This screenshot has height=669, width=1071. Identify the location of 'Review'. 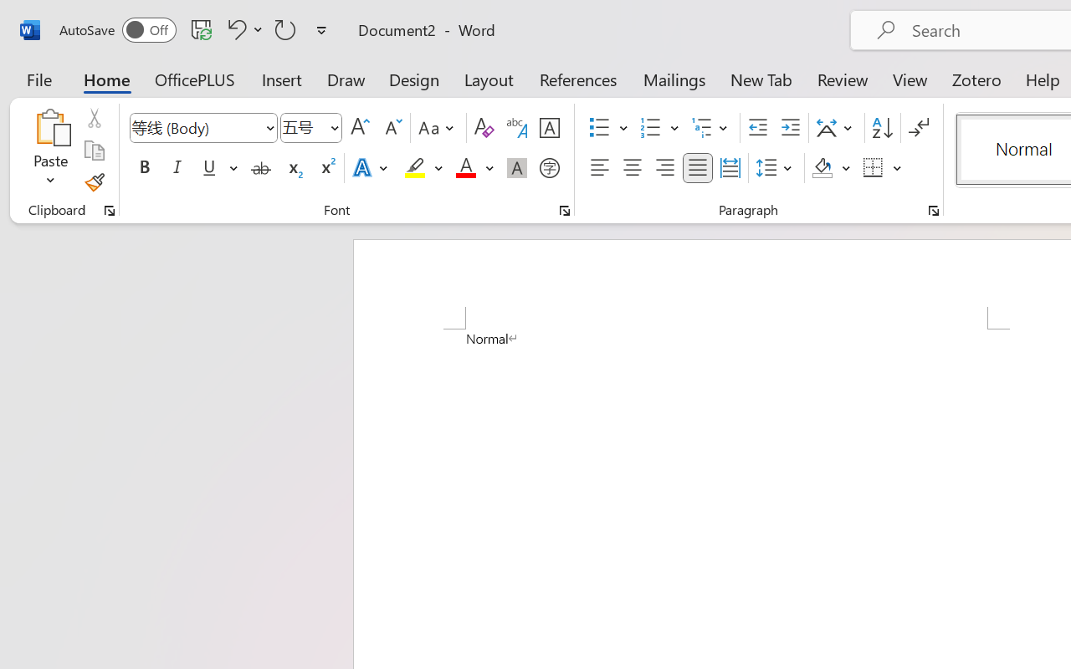
(843, 79).